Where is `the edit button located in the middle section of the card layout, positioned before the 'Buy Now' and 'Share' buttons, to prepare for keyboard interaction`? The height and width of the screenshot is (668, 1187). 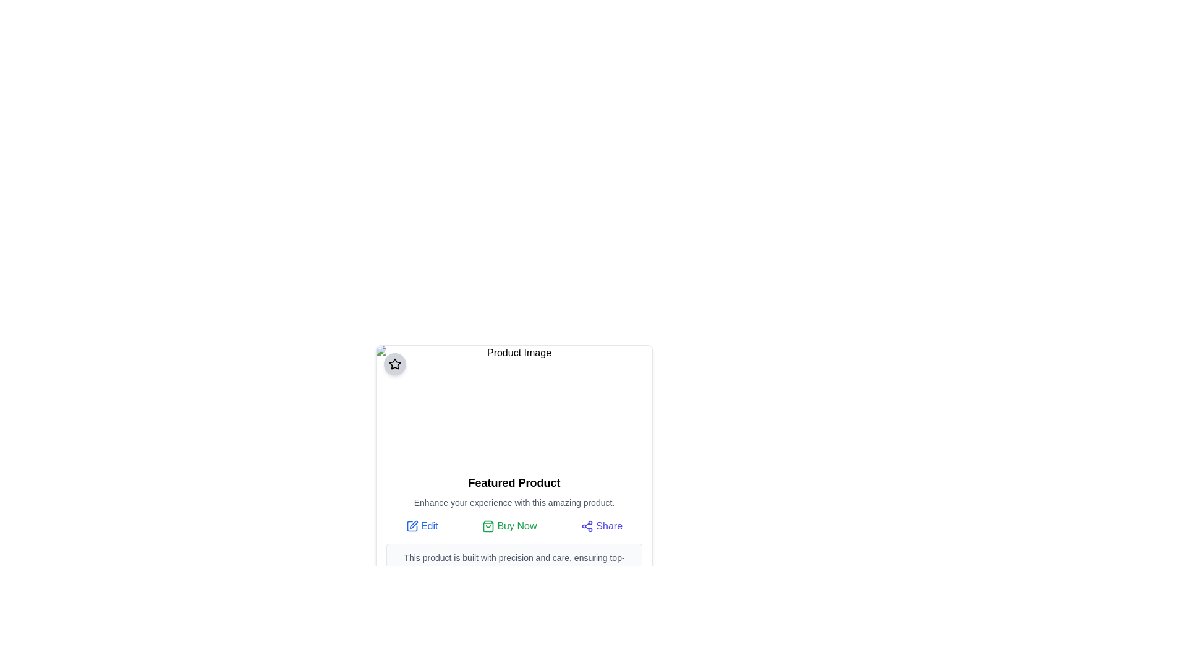
the edit button located in the middle section of the card layout, positioned before the 'Buy Now' and 'Share' buttons, to prepare for keyboard interaction is located at coordinates (422, 526).